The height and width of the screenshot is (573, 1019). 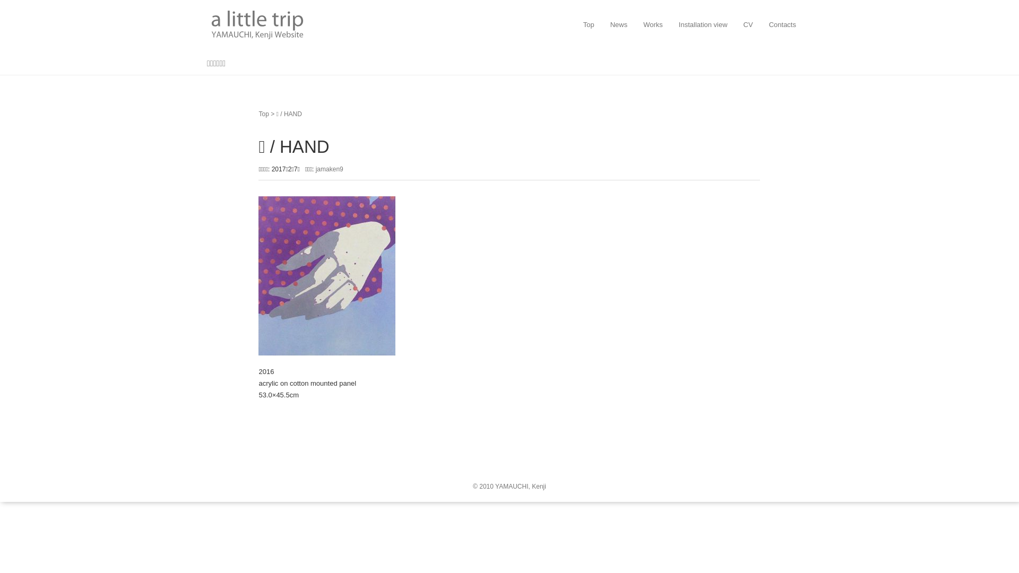 What do you see at coordinates (206, 456) in the screenshot?
I see `'twitter'` at bounding box center [206, 456].